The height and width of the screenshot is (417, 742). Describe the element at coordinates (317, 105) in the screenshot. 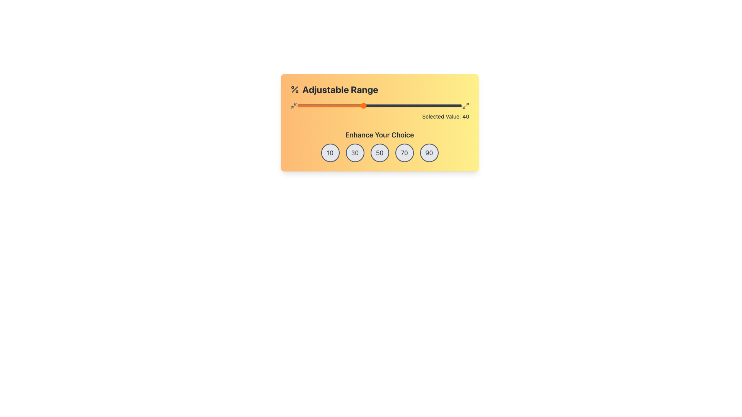

I see `the percentage` at that location.